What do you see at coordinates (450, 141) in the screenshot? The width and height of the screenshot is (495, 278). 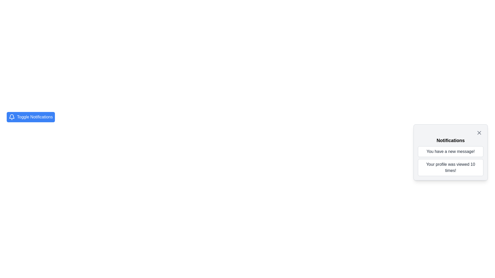 I see `the 'Notifications' text label which is bold and larger, located centrally at the top of the modal box, above the notification messages and next to the close button` at bounding box center [450, 141].